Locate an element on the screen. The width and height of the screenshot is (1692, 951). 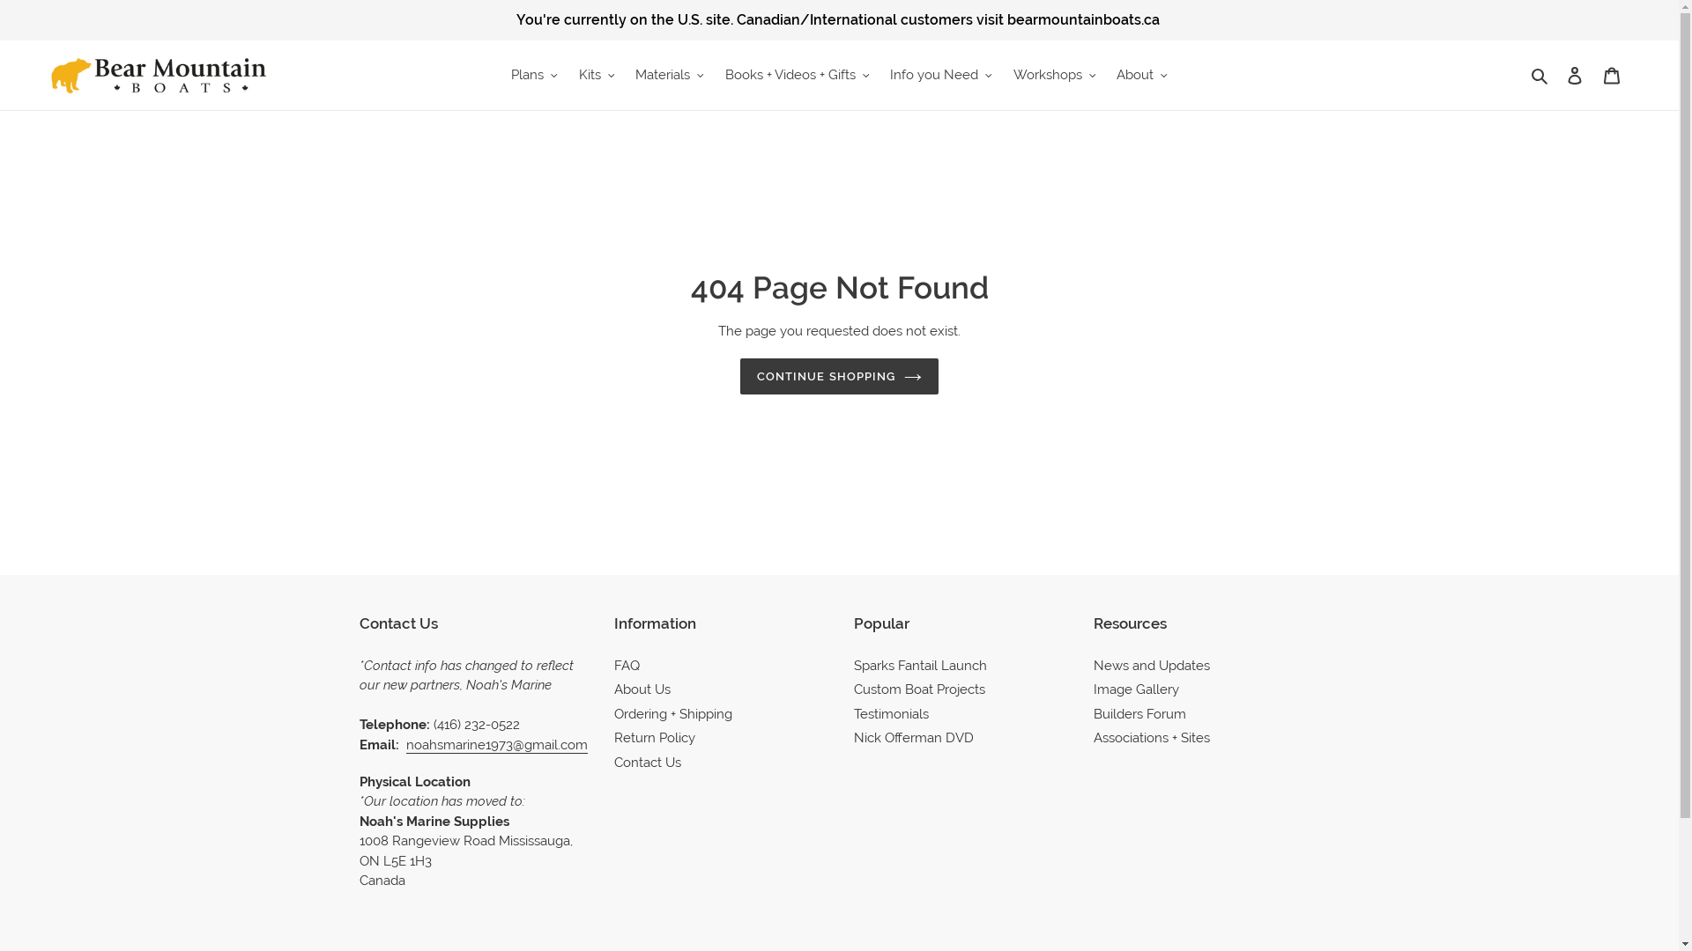
'FAQ' is located at coordinates (626, 666).